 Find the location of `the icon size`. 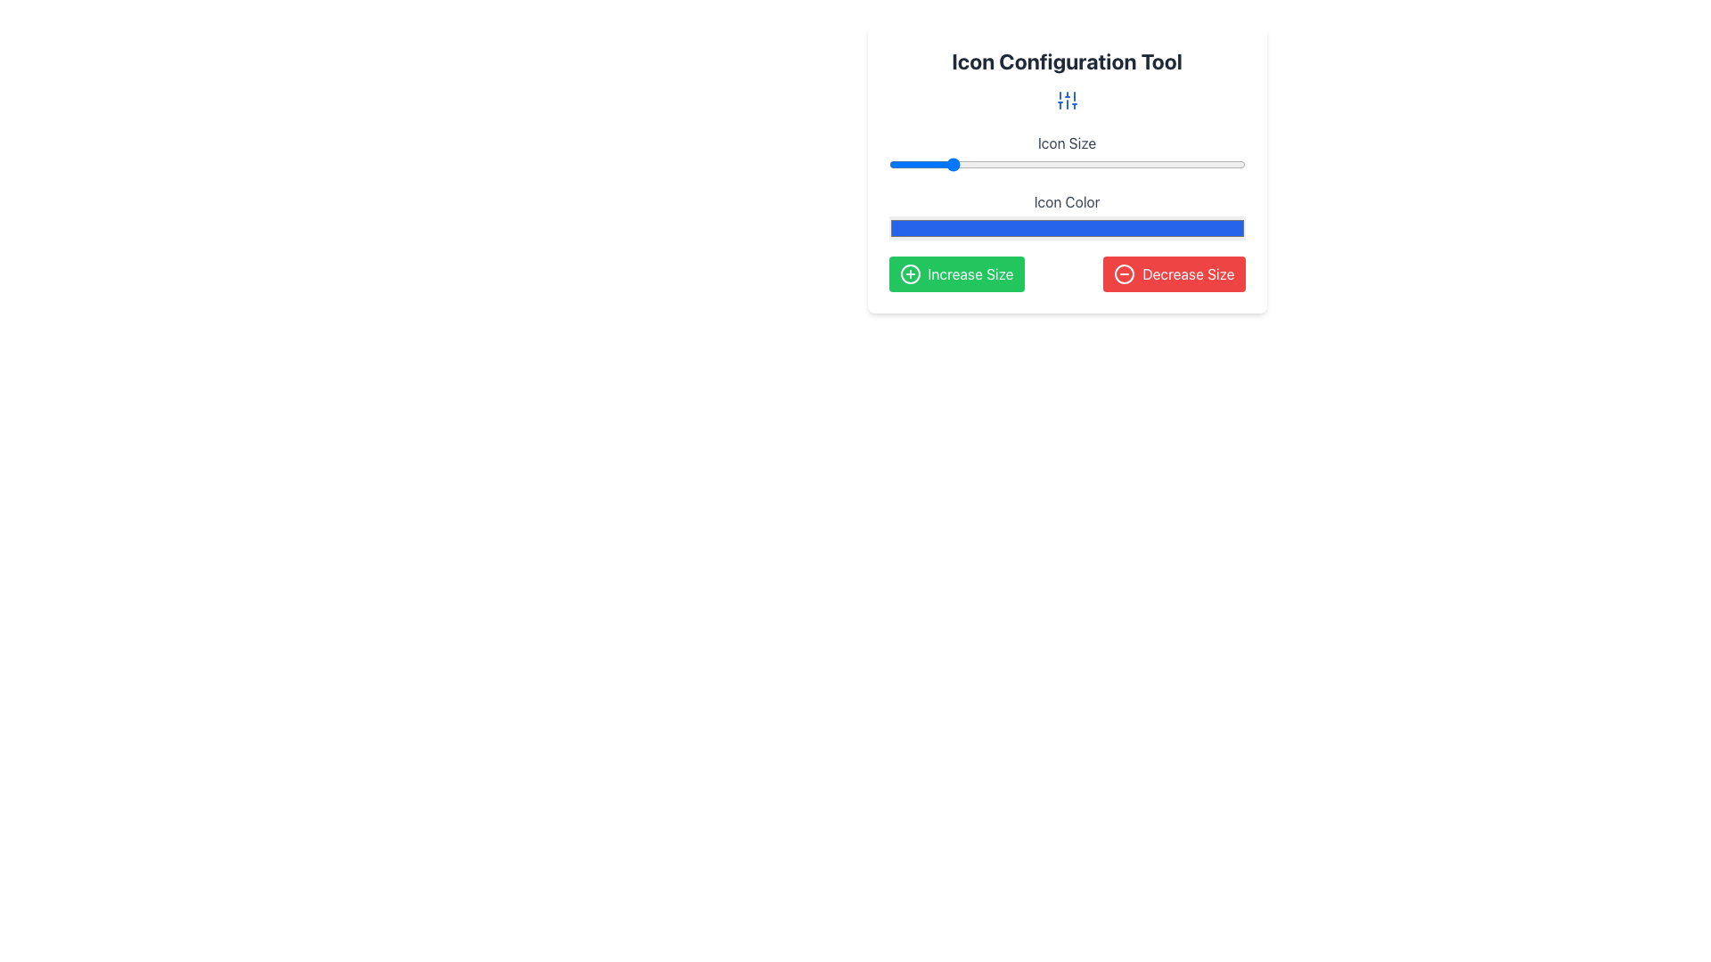

the icon size is located at coordinates (1149, 165).